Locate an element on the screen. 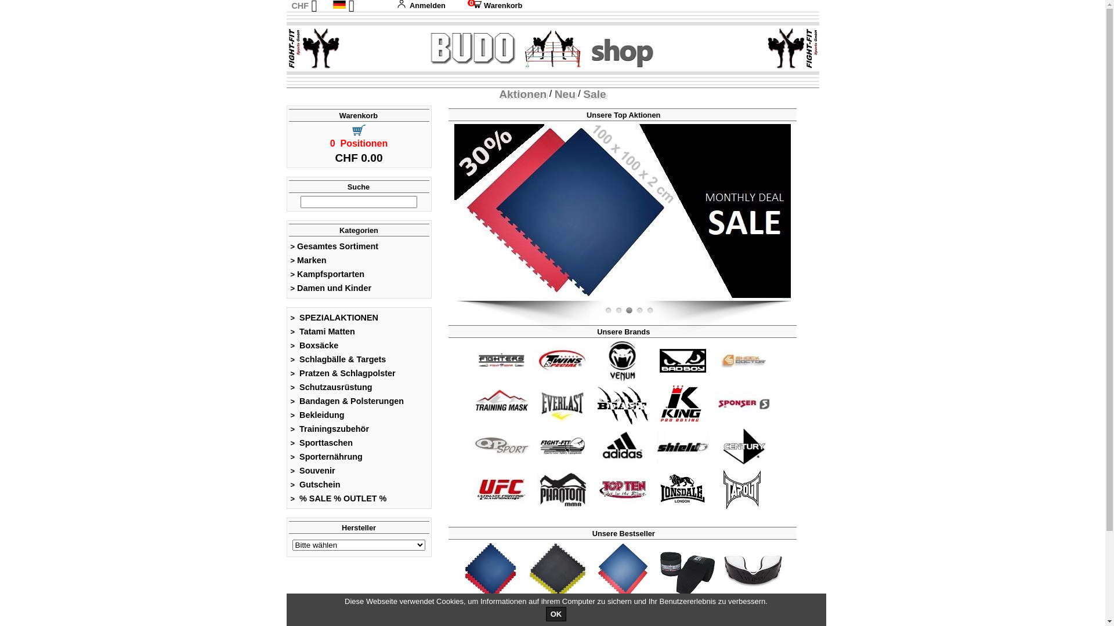  '>  % SALE % OUTLET %' is located at coordinates (338, 498).